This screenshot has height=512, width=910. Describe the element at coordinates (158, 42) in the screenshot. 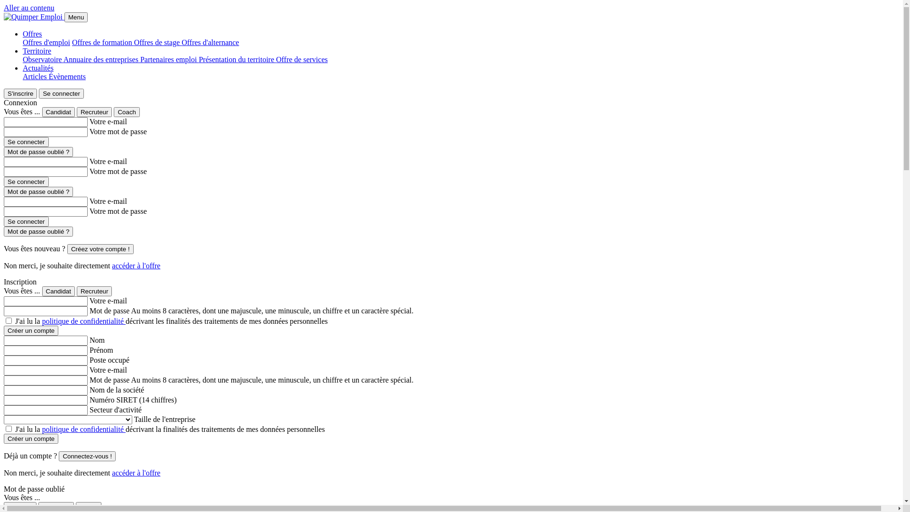

I see `'Offres de stage'` at that location.